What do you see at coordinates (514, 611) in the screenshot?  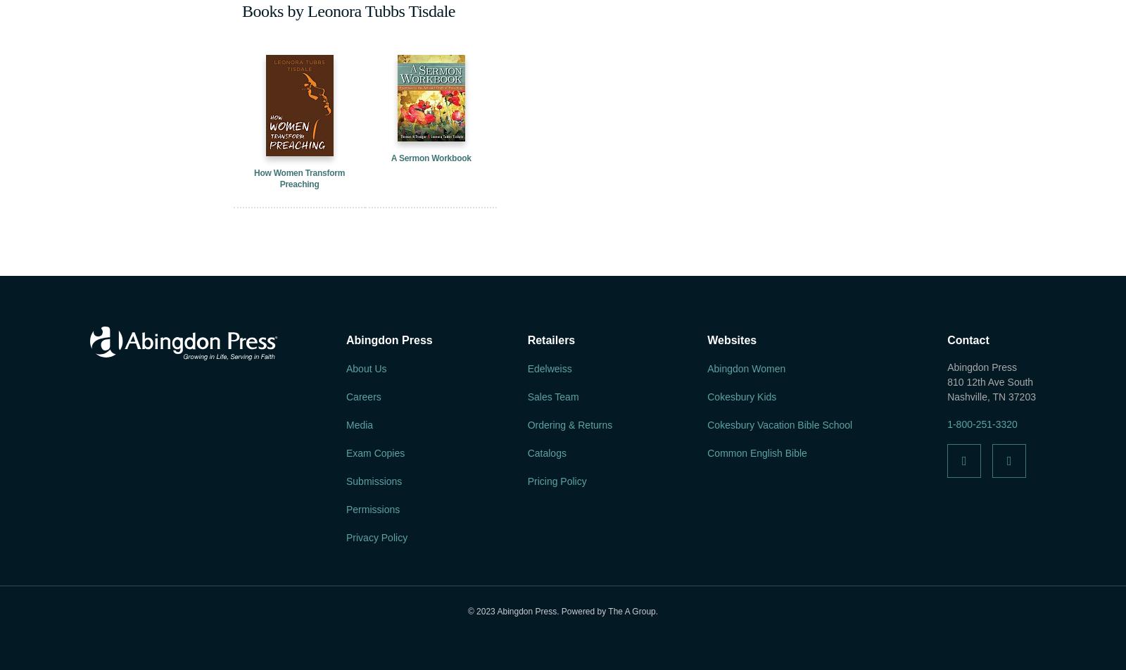 I see `'© 2023 Abingdon Press.'` at bounding box center [514, 611].